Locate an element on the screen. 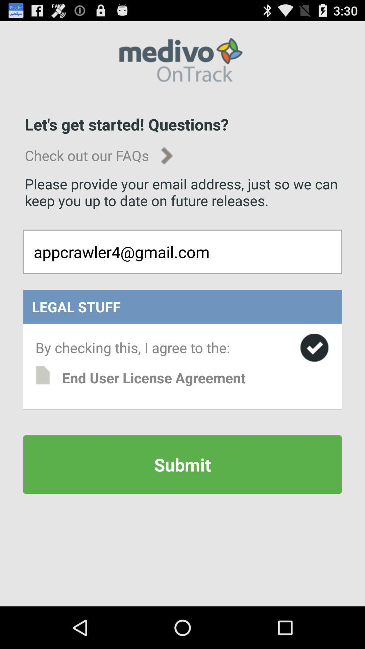 The height and width of the screenshot is (649, 365). give agreement is located at coordinates (314, 347).